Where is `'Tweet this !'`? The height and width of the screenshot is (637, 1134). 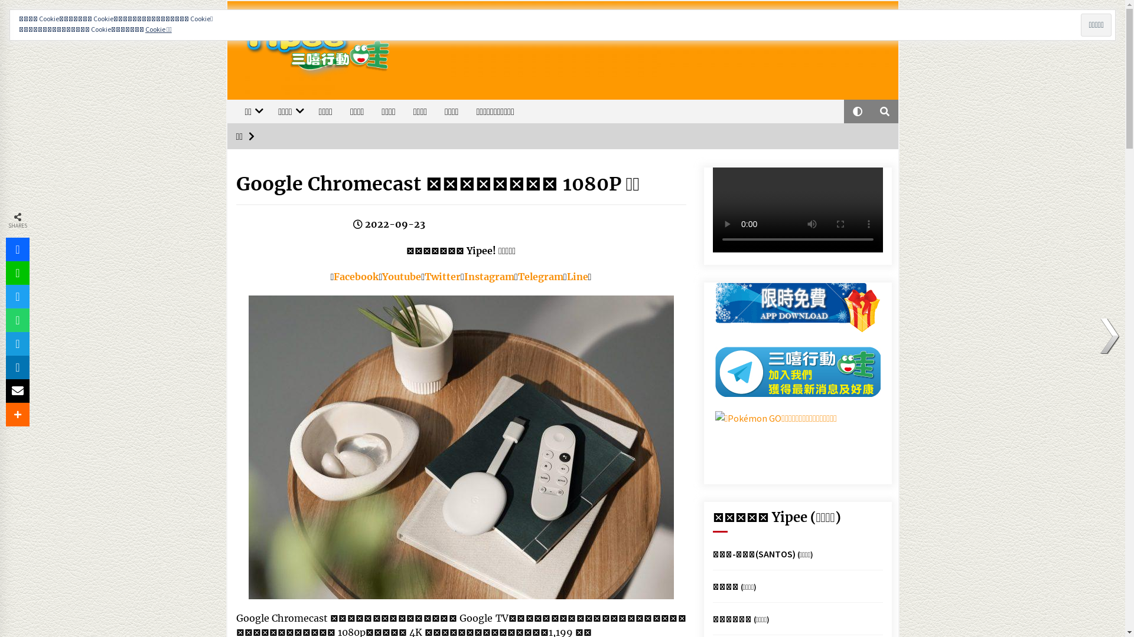 'Tweet this !' is located at coordinates (17, 295).